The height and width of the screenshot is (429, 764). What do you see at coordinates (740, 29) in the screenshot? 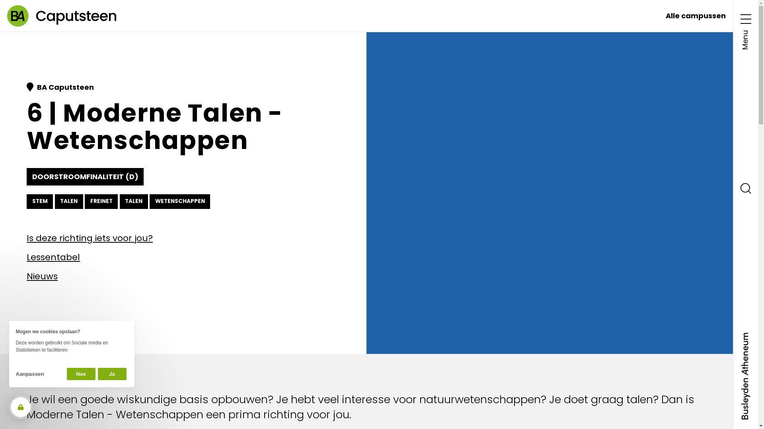
I see `'Menu'` at bounding box center [740, 29].